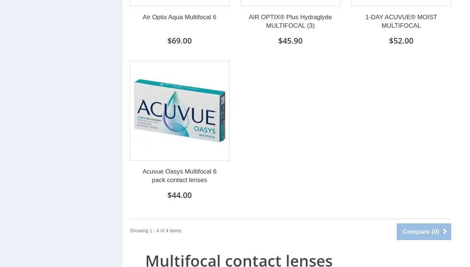 The height and width of the screenshot is (267, 470). I want to click on ')', so click(436, 231).